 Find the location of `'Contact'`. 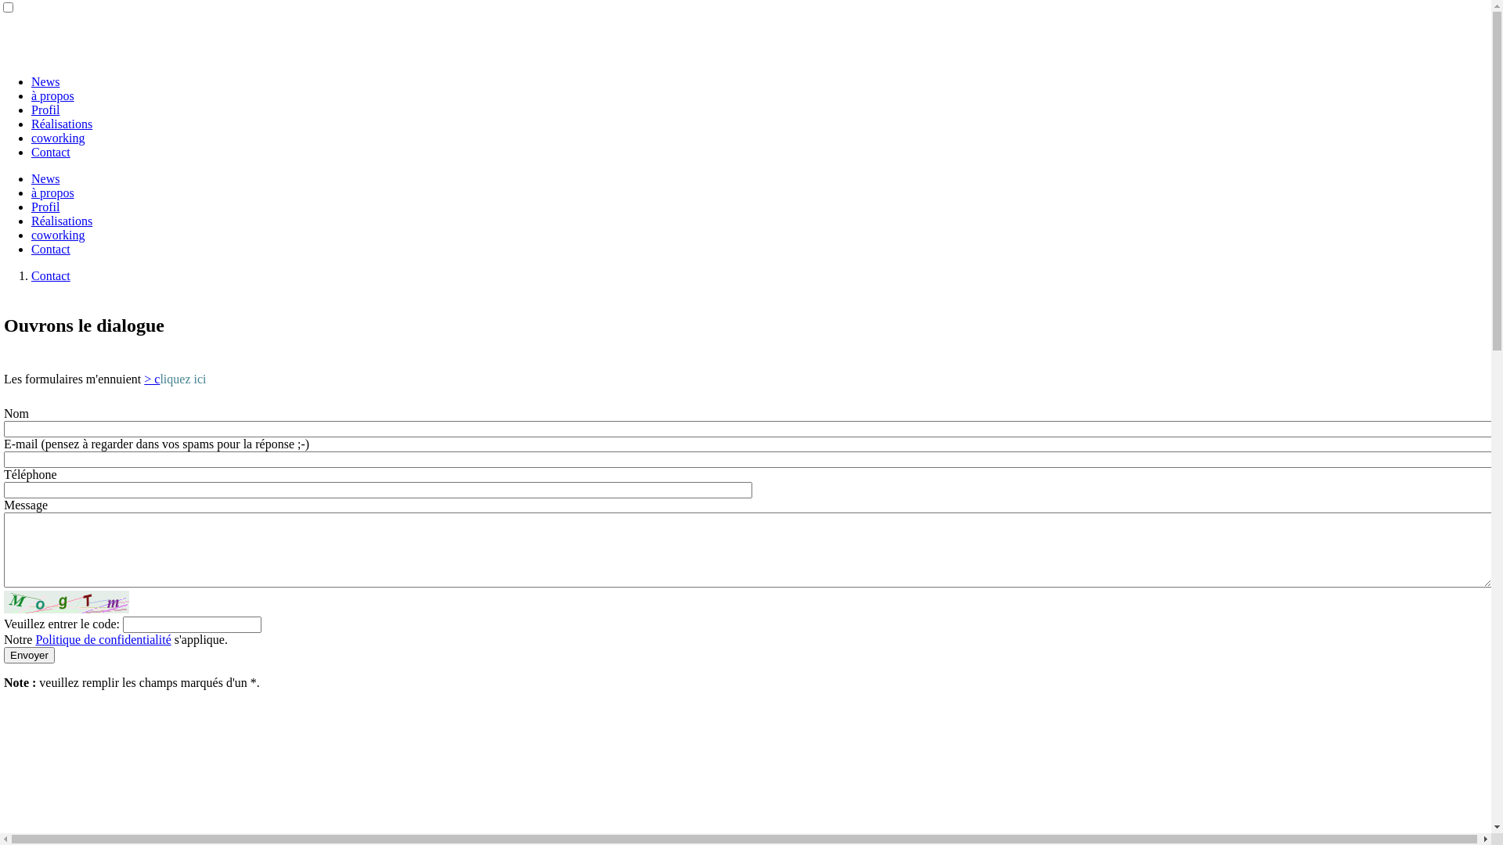

'Contact' is located at coordinates (51, 275).